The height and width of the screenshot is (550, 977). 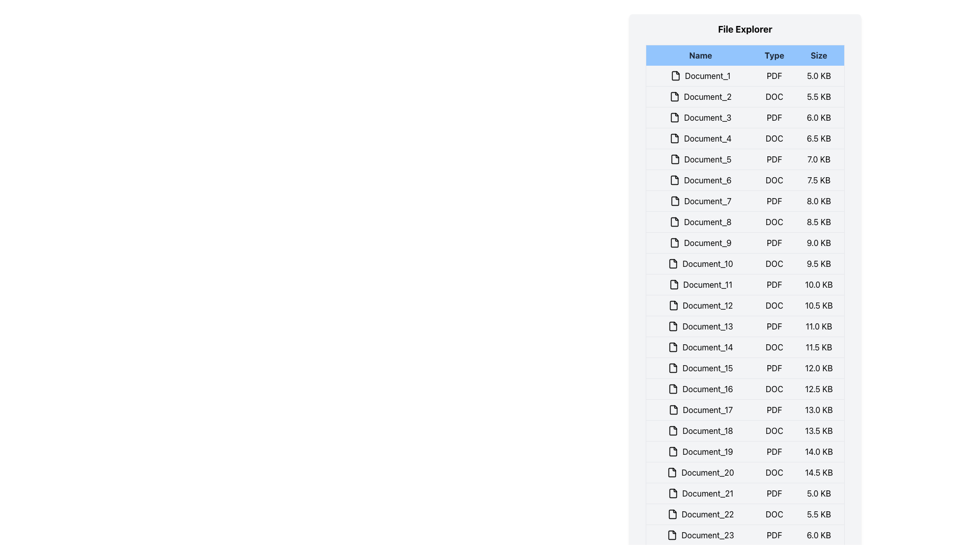 What do you see at coordinates (773, 139) in the screenshot?
I see `the text label displaying 'DOC' in the 'Type' column of the row for 'Document_4' in the table` at bounding box center [773, 139].